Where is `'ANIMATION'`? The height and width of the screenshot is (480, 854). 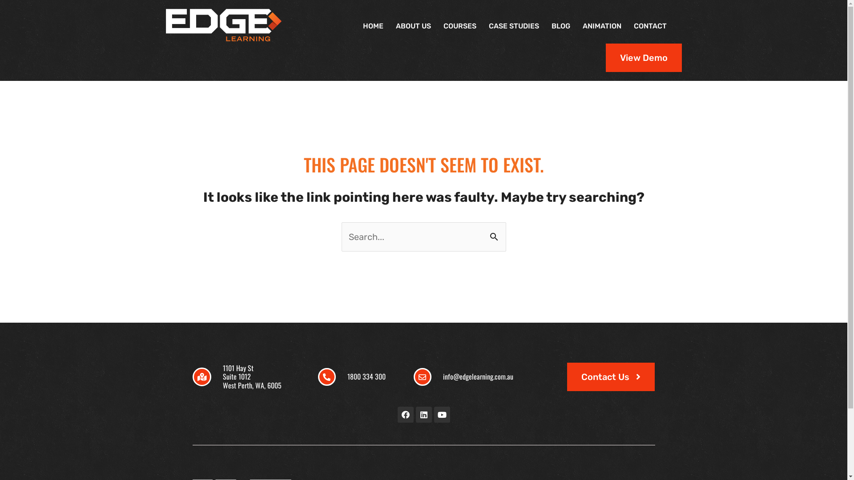
'ANIMATION' is located at coordinates (576, 25).